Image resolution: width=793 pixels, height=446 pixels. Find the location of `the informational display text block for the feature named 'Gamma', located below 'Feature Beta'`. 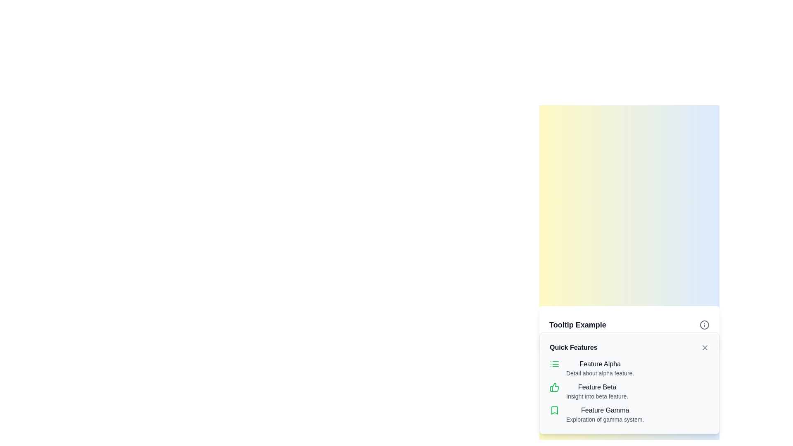

the informational display text block for the feature named 'Gamma', located below 'Feature Beta' is located at coordinates (629, 414).